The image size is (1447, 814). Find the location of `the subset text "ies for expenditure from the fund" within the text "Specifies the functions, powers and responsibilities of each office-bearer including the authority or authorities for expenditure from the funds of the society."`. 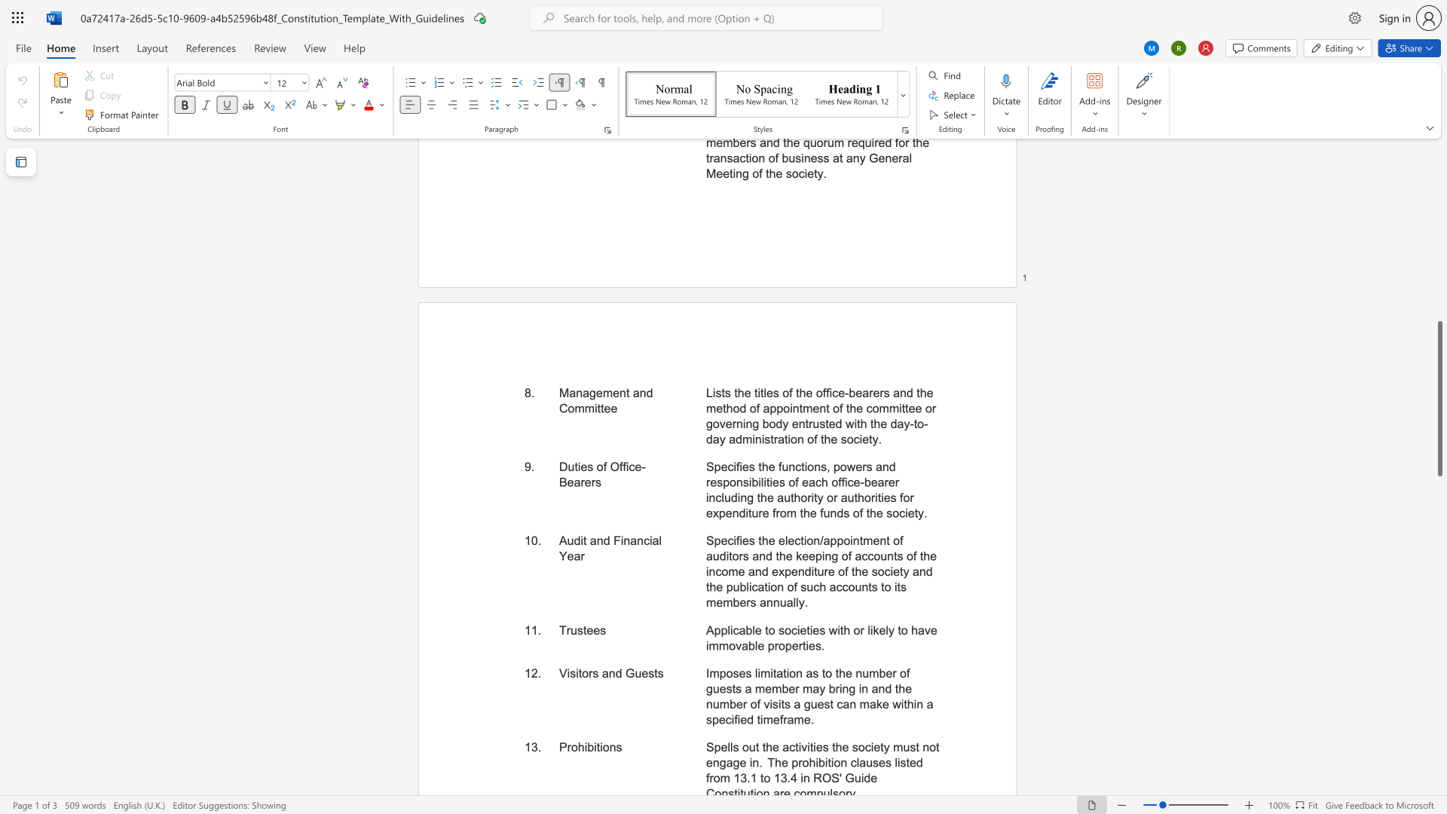

the subset text "ies for expenditure from the fund" within the text "Specifies the functions, powers and responsibilities of each office-bearer including the authority or authorities for expenditure from the funds of the society." is located at coordinates (881, 497).